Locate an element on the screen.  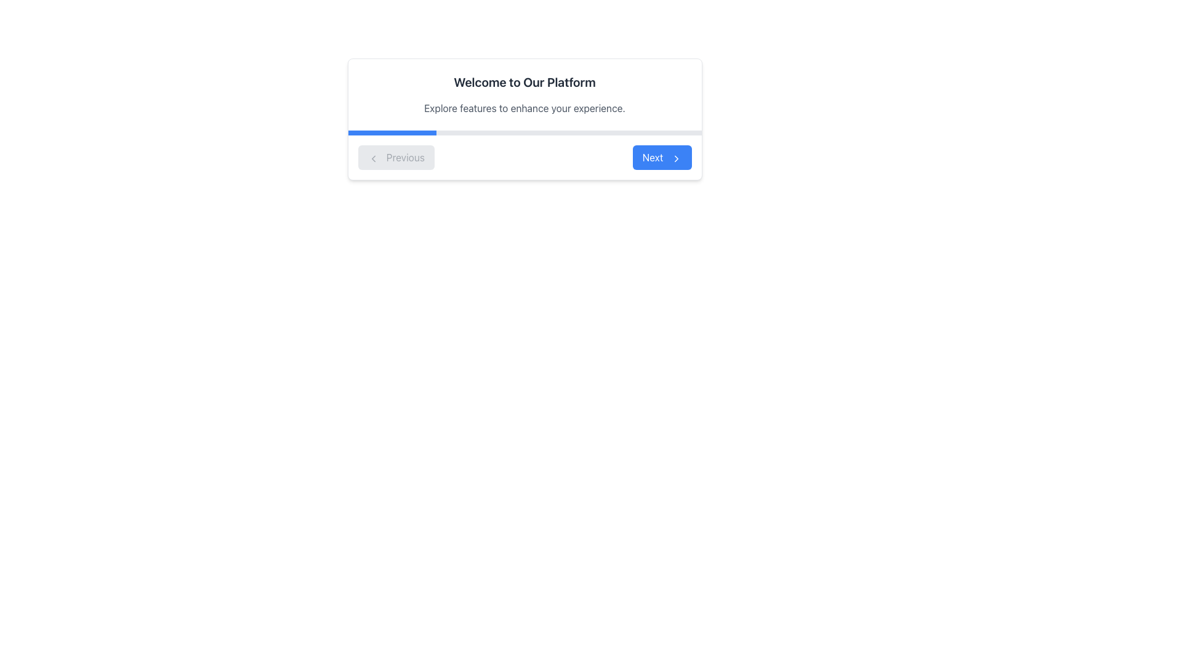
the 'Next' button is located at coordinates (661, 156).